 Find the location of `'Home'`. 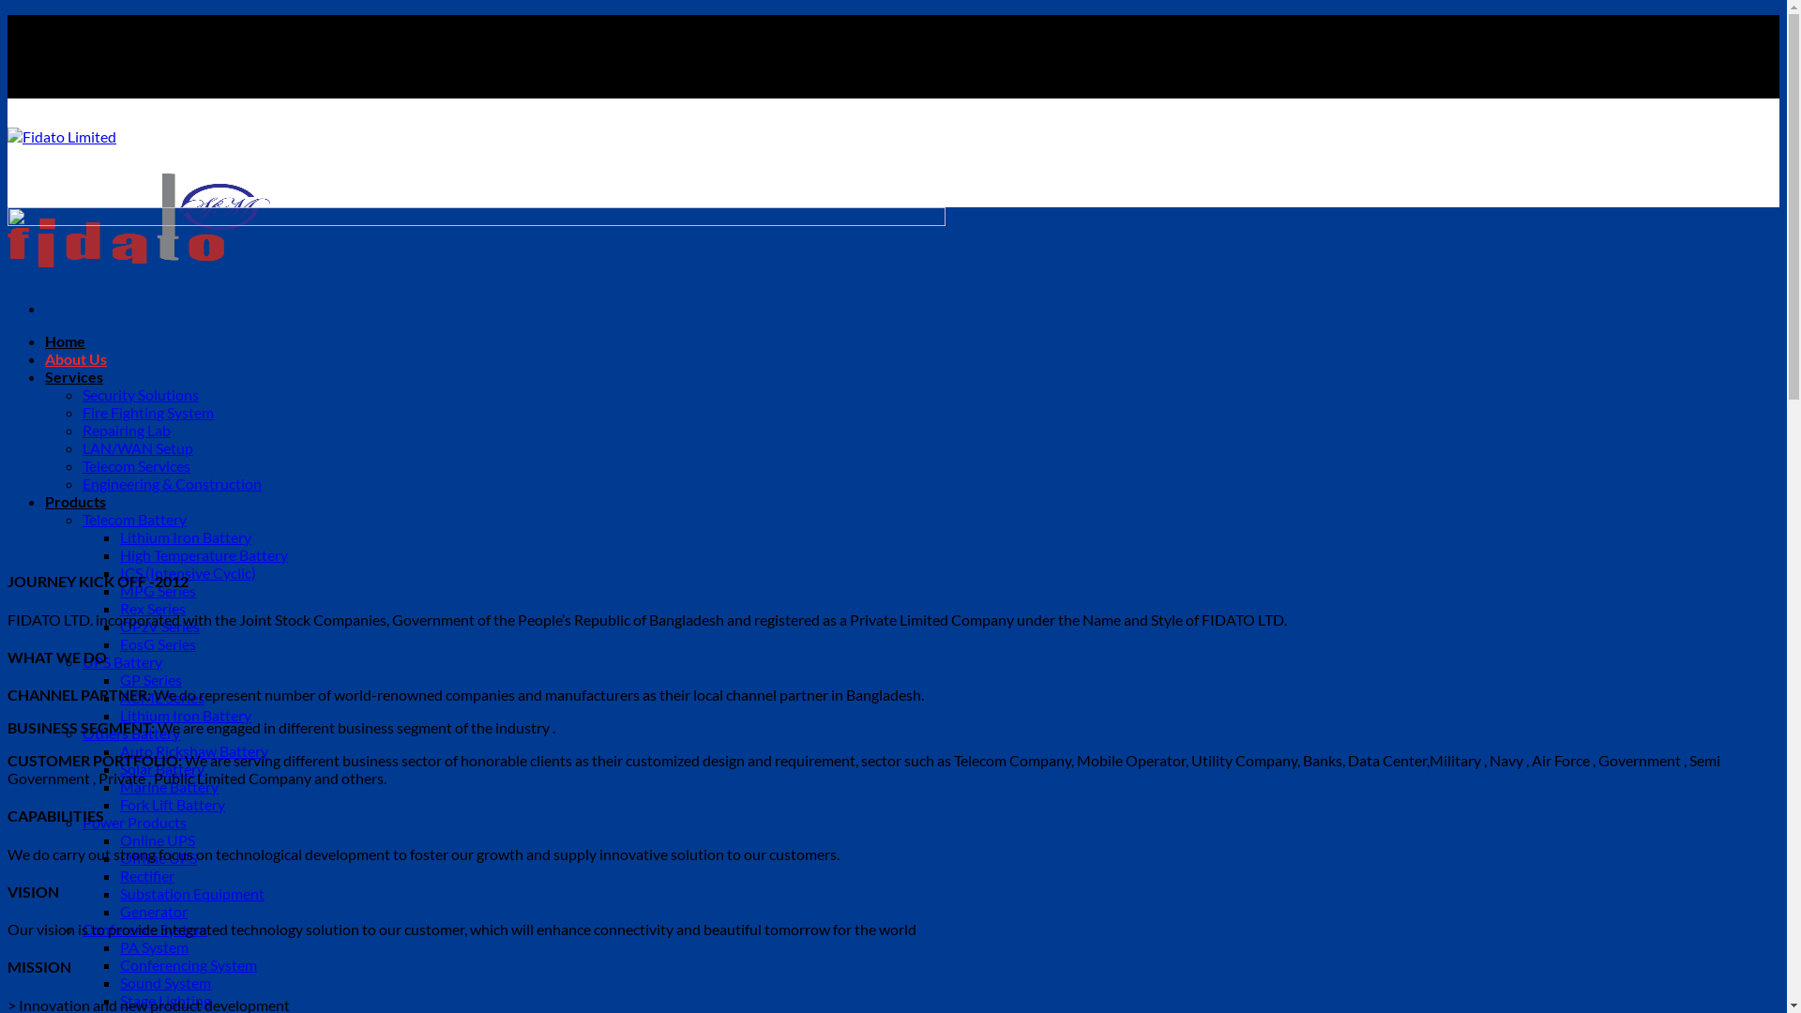

'Home' is located at coordinates (65, 340).